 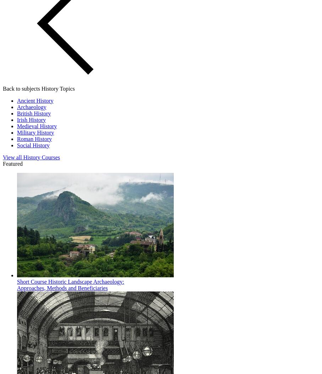 I want to click on 'Short Course', so click(x=31, y=281).